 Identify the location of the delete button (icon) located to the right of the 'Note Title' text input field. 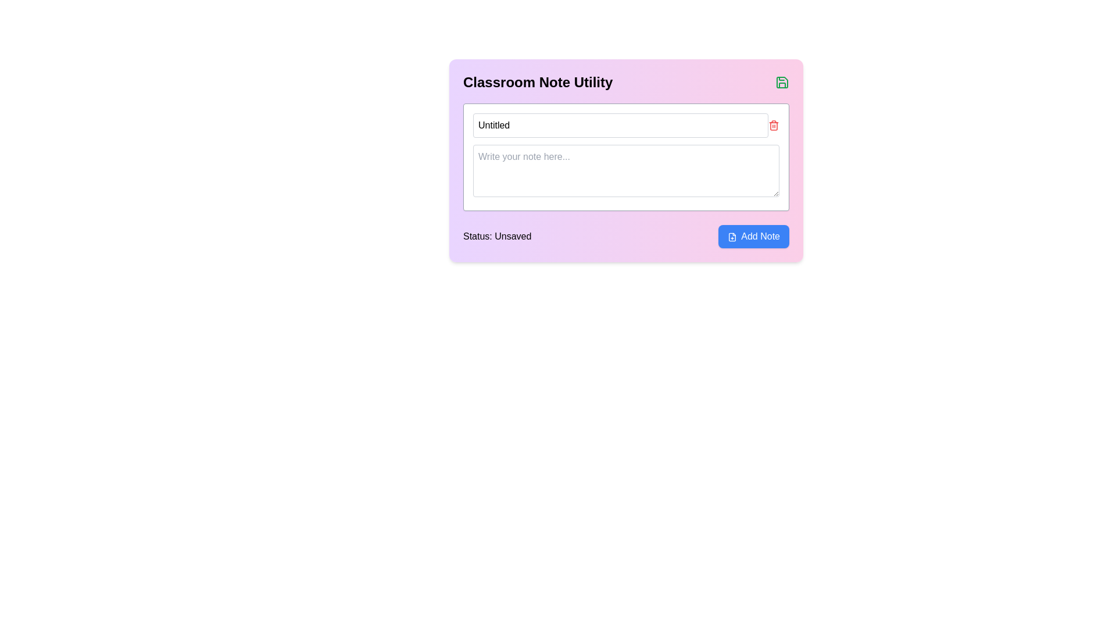
(774, 126).